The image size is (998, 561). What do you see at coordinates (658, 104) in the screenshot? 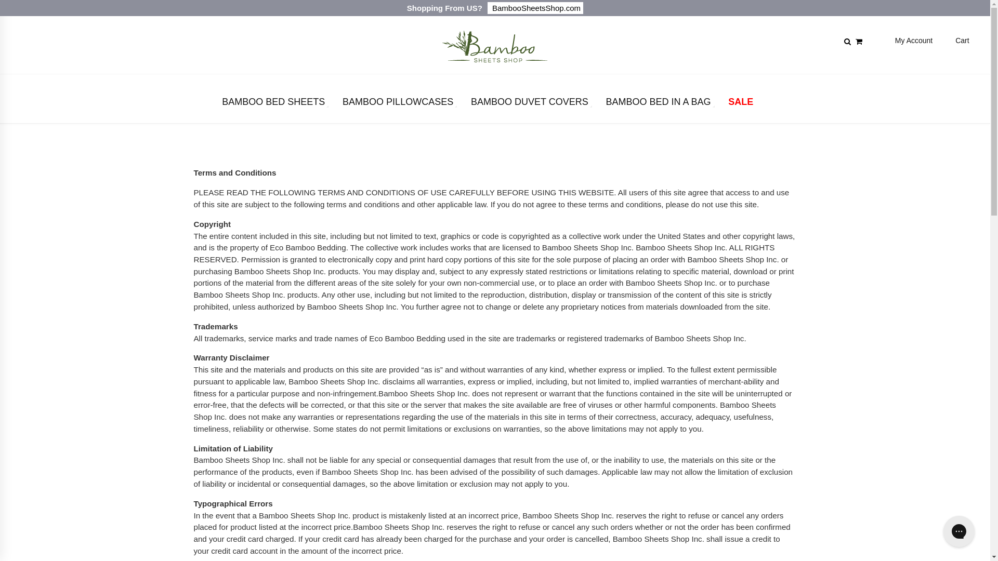
I see `'BAMBOO BED IN A BAG'` at bounding box center [658, 104].